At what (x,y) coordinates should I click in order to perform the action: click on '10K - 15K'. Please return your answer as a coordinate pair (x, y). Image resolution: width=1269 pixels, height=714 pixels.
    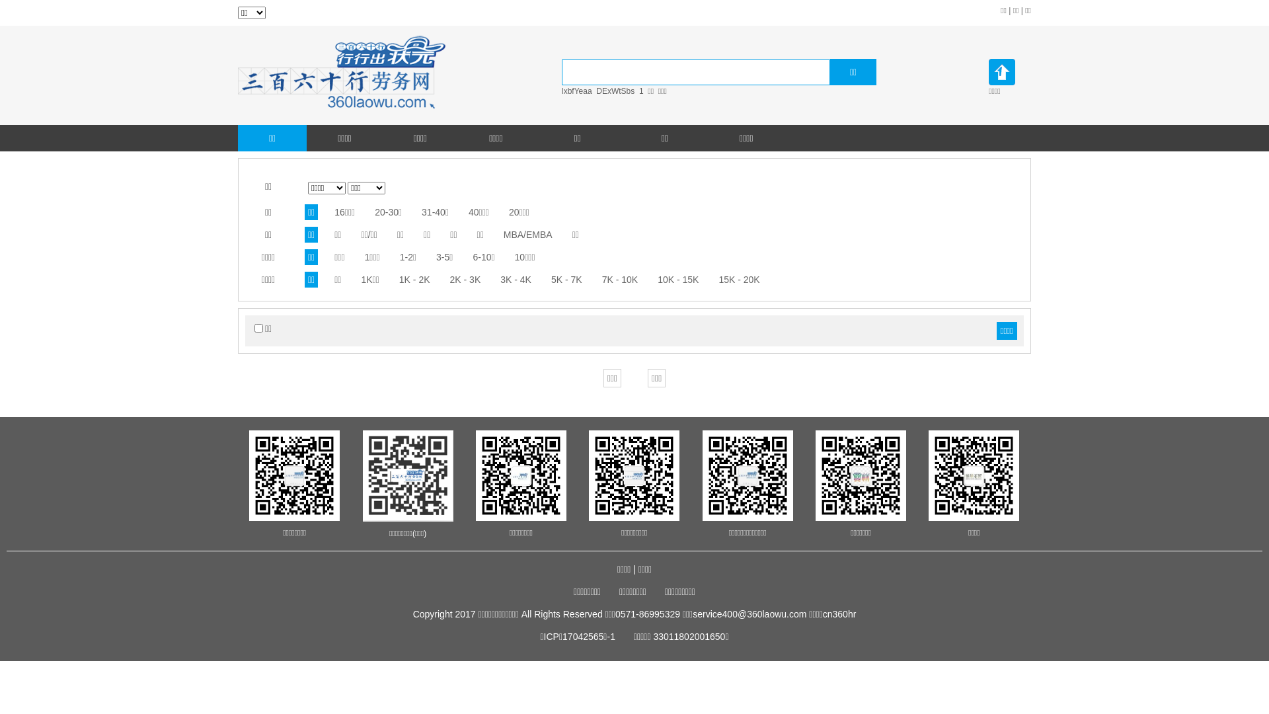
    Looking at the image, I should click on (678, 279).